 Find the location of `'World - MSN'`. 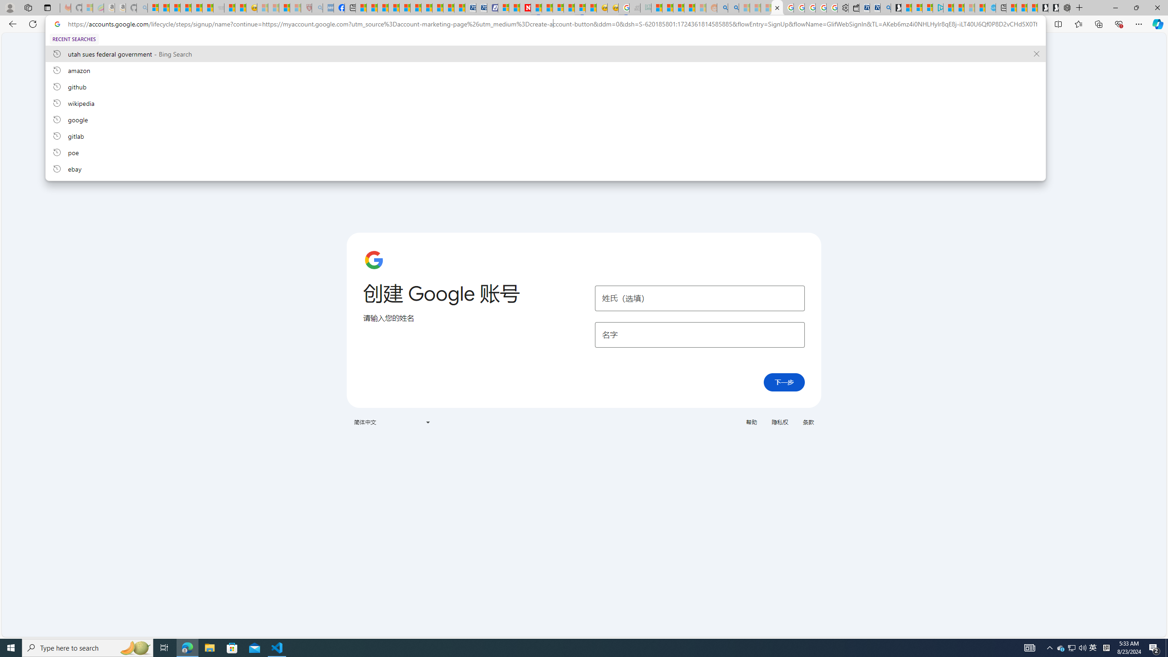

'World - MSN' is located at coordinates (383, 7).